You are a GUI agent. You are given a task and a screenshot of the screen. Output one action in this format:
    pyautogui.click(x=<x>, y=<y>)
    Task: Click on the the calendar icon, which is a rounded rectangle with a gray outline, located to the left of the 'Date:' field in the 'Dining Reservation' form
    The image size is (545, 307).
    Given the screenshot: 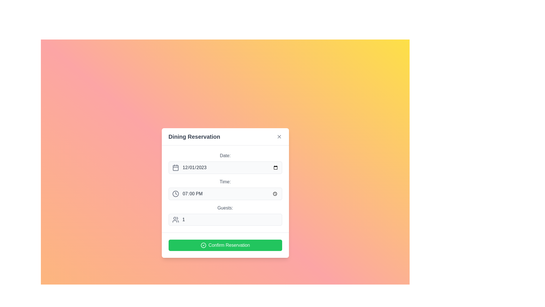 What is the action you would take?
    pyautogui.click(x=175, y=167)
    